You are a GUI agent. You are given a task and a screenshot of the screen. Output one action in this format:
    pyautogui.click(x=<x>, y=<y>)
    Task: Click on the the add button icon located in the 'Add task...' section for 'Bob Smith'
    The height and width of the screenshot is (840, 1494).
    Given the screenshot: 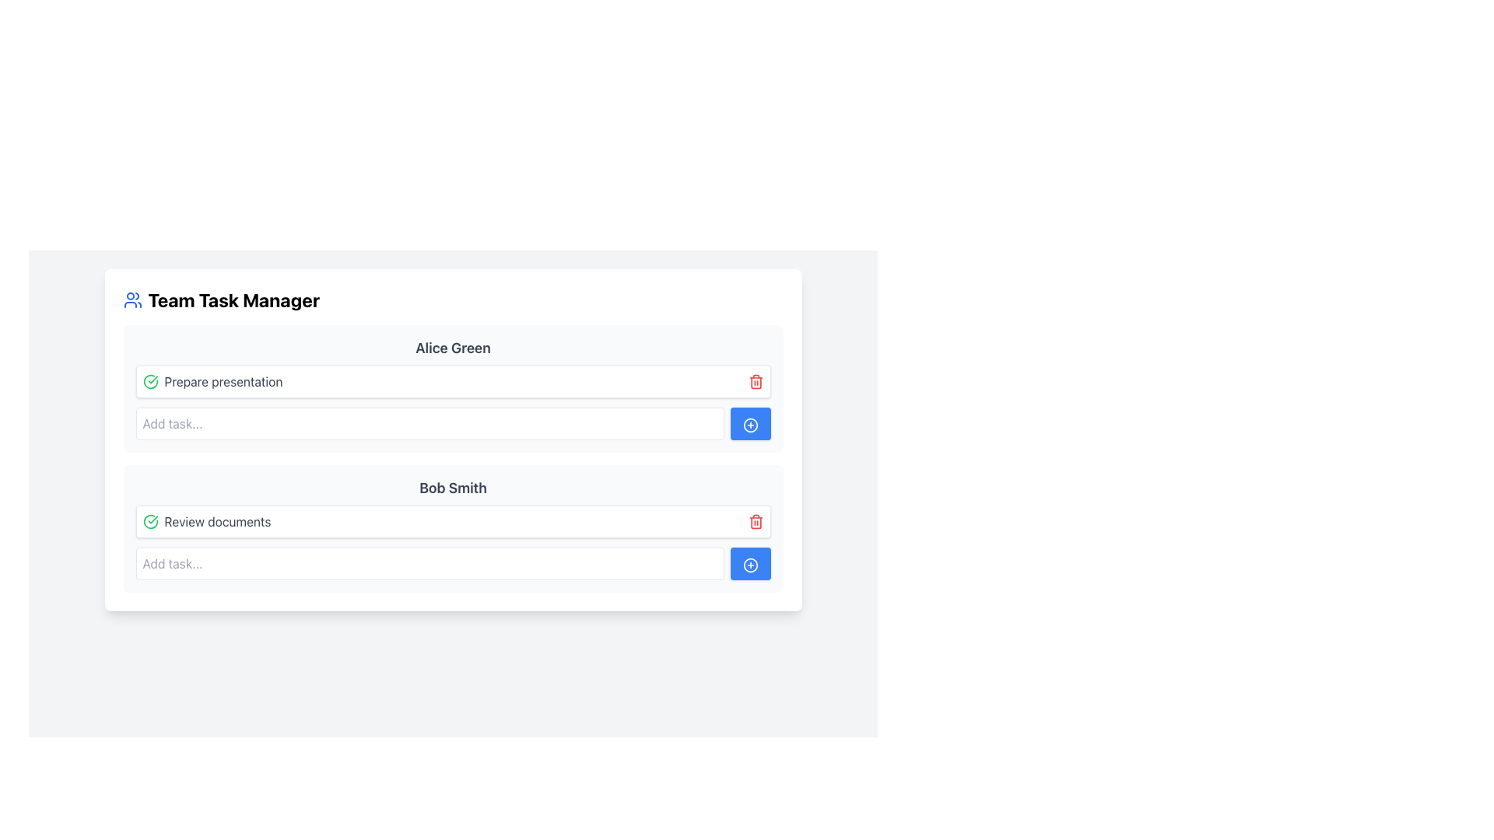 What is the action you would take?
    pyautogui.click(x=750, y=565)
    